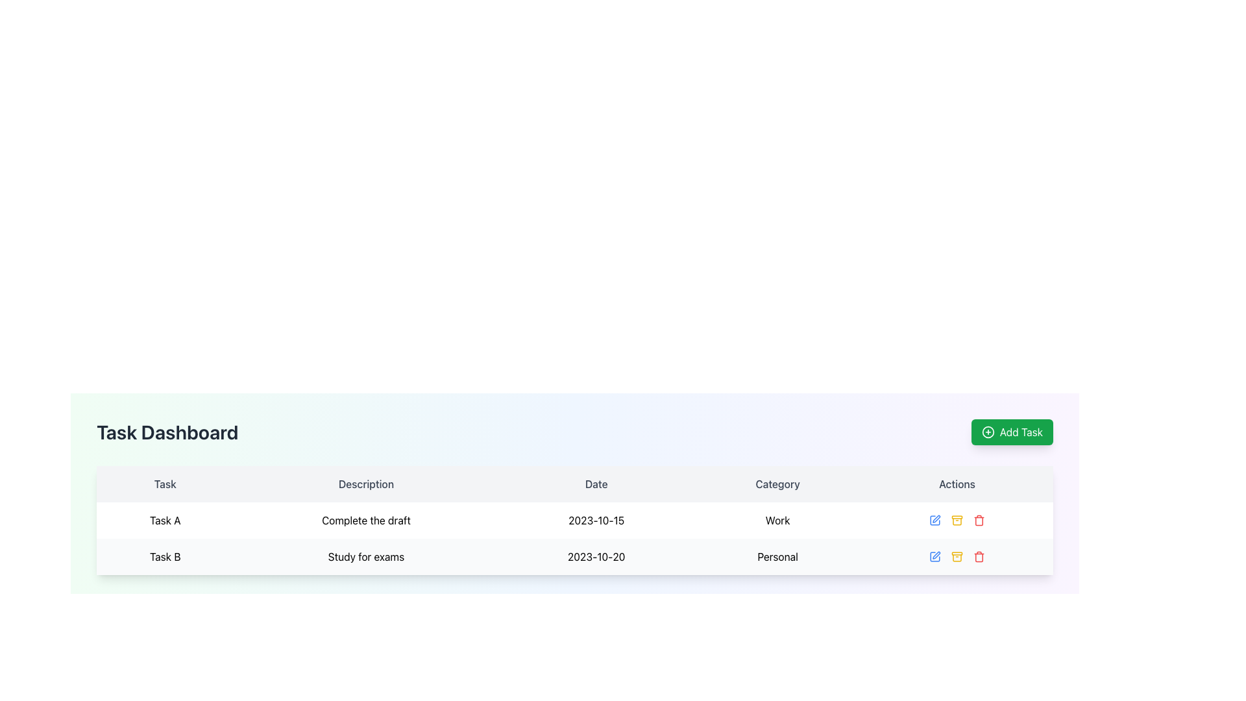 The image size is (1246, 701). What do you see at coordinates (164, 484) in the screenshot?
I see `the header label for the tasks column in the table, located at the top-left corner above 'Task A'` at bounding box center [164, 484].